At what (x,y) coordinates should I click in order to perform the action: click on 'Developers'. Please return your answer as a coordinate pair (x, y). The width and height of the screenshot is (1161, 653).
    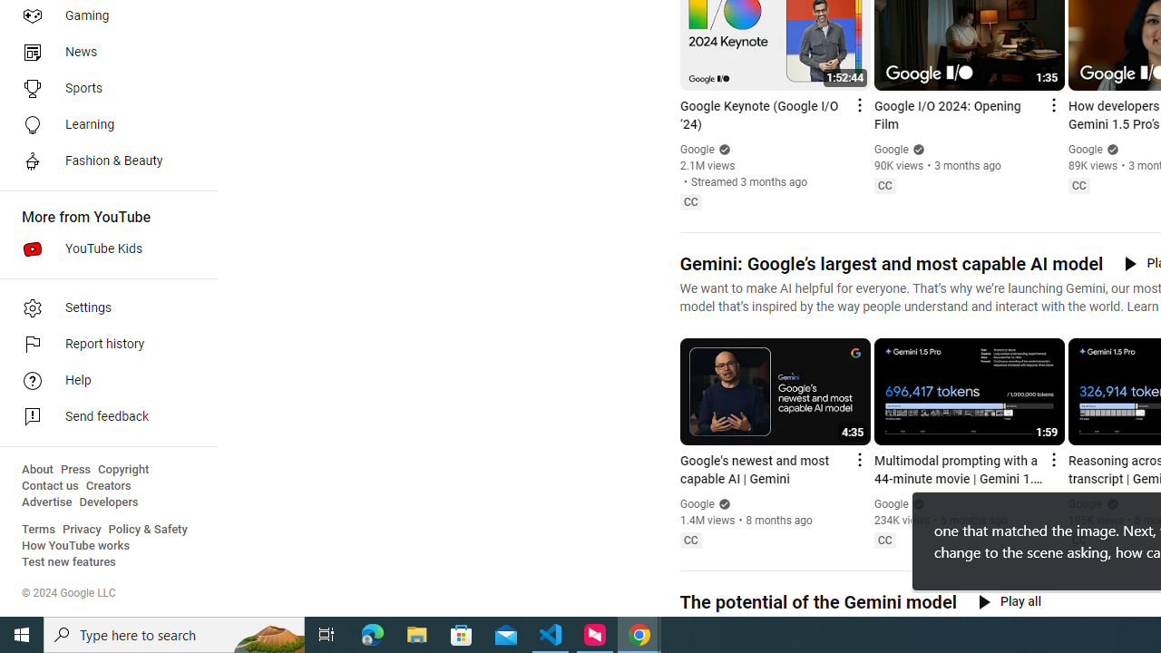
    Looking at the image, I should click on (108, 502).